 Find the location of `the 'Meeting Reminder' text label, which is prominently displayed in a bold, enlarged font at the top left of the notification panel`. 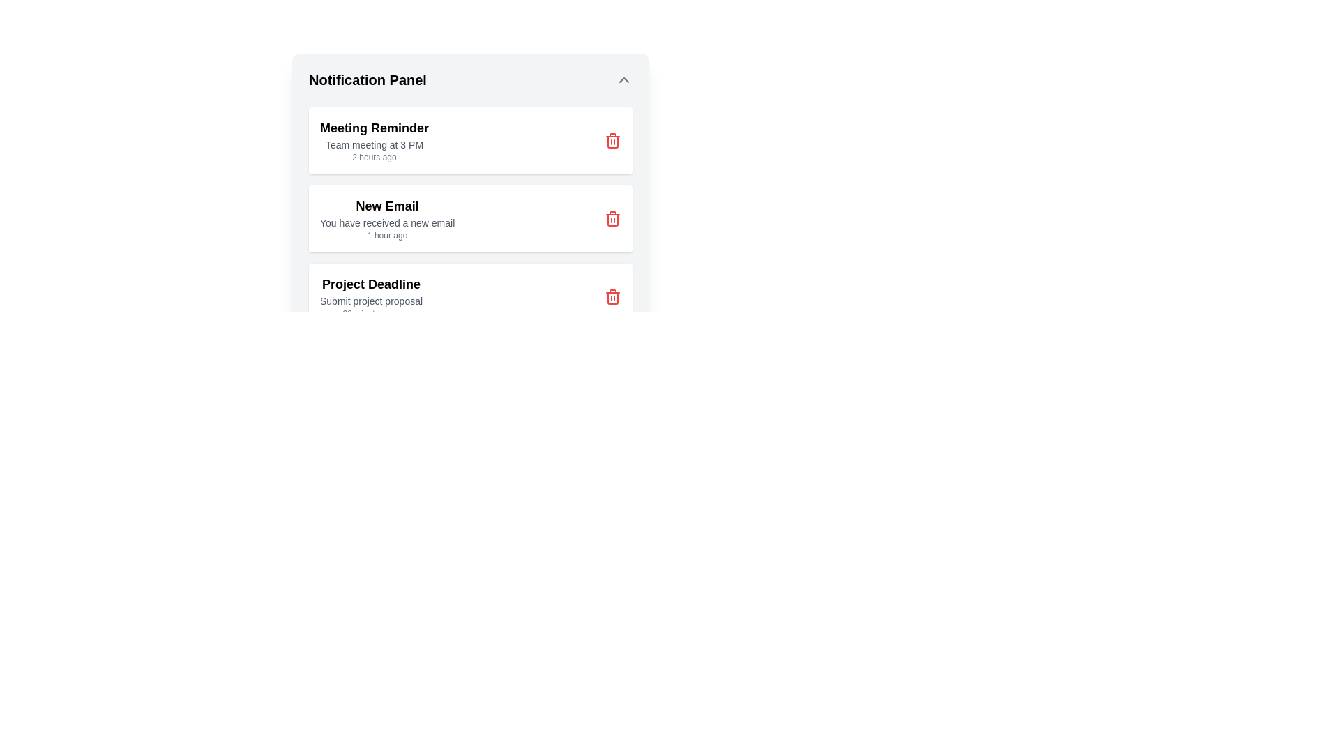

the 'Meeting Reminder' text label, which is prominently displayed in a bold, enlarged font at the top left of the notification panel is located at coordinates (375, 128).